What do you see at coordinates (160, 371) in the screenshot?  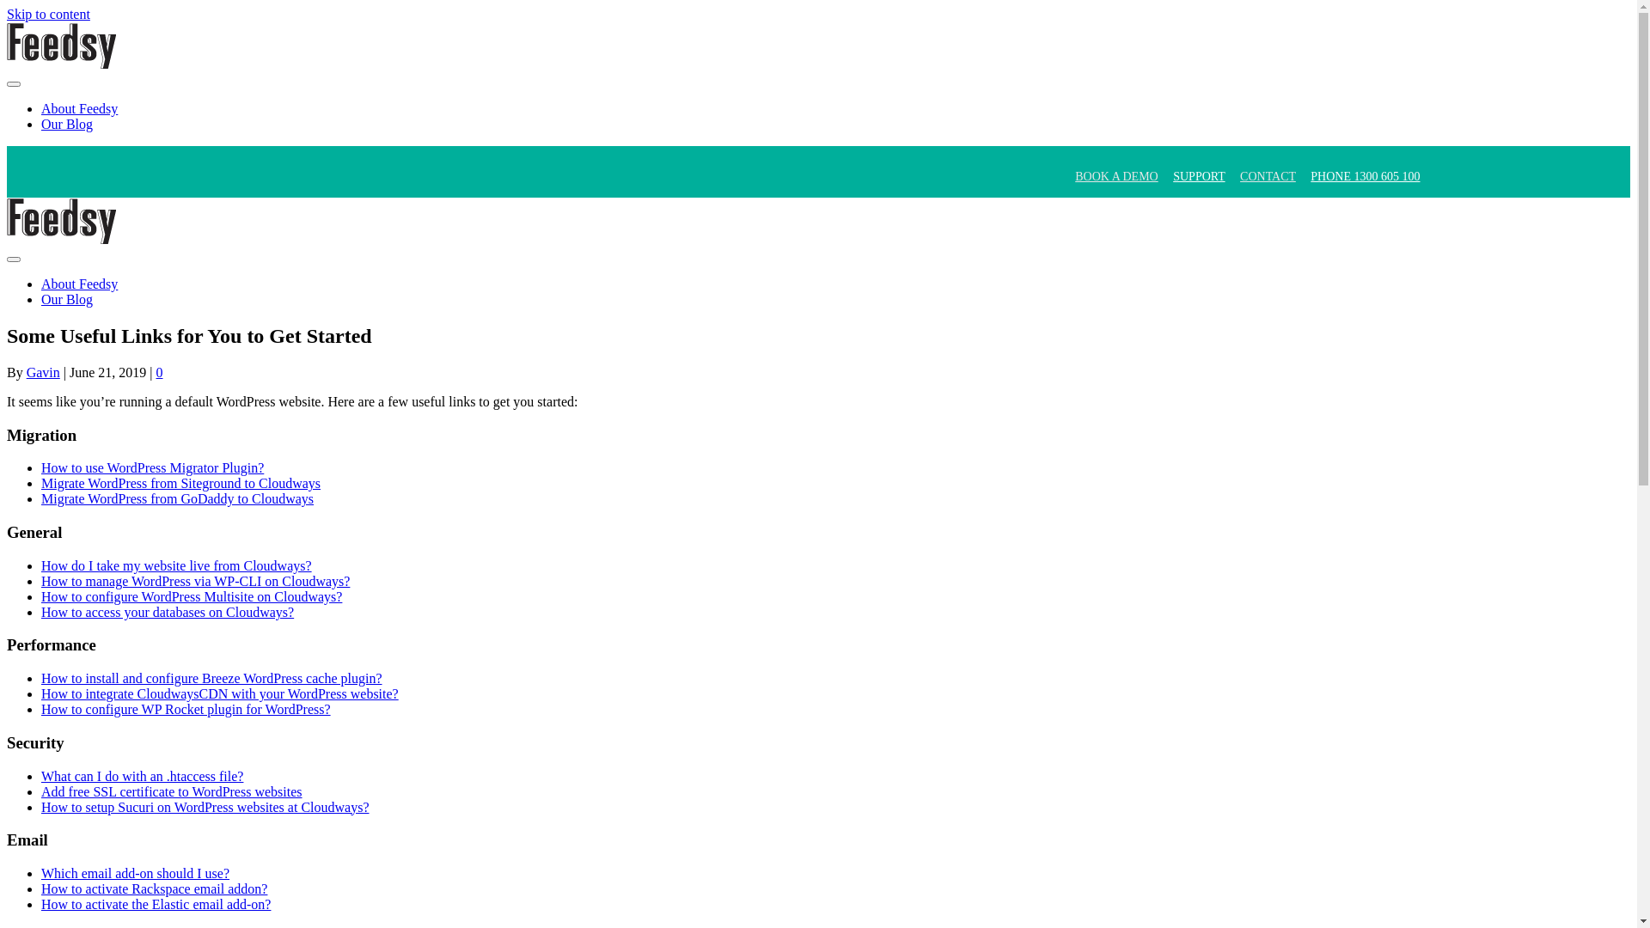 I see `'0'` at bounding box center [160, 371].